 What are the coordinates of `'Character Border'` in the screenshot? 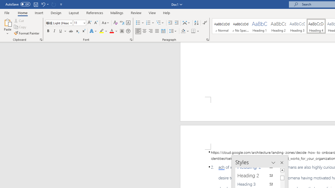 It's located at (128, 22).